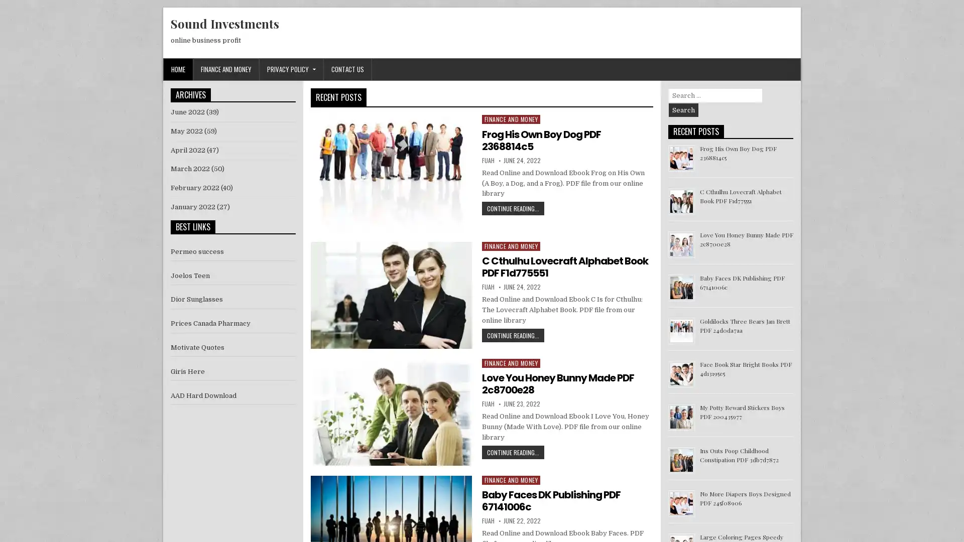 The height and width of the screenshot is (542, 964). Describe the element at coordinates (683, 110) in the screenshot. I see `Search` at that location.